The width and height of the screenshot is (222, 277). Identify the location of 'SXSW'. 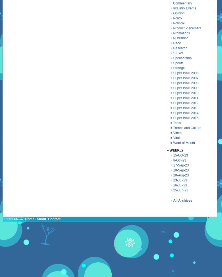
(178, 53).